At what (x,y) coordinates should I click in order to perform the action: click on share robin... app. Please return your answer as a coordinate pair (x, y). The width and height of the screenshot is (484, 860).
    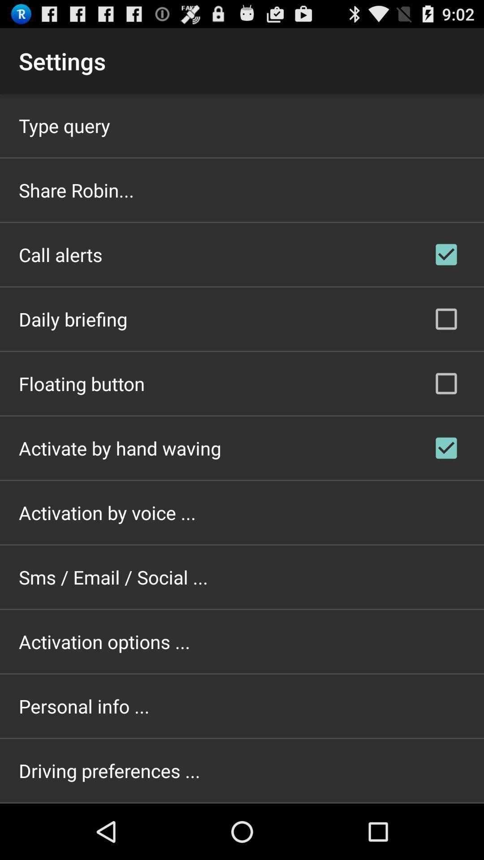
    Looking at the image, I should click on (76, 189).